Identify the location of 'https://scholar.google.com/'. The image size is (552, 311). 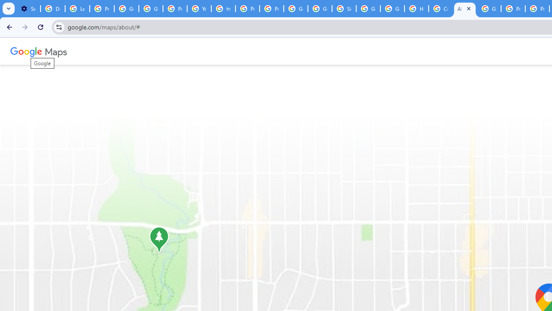
(223, 9).